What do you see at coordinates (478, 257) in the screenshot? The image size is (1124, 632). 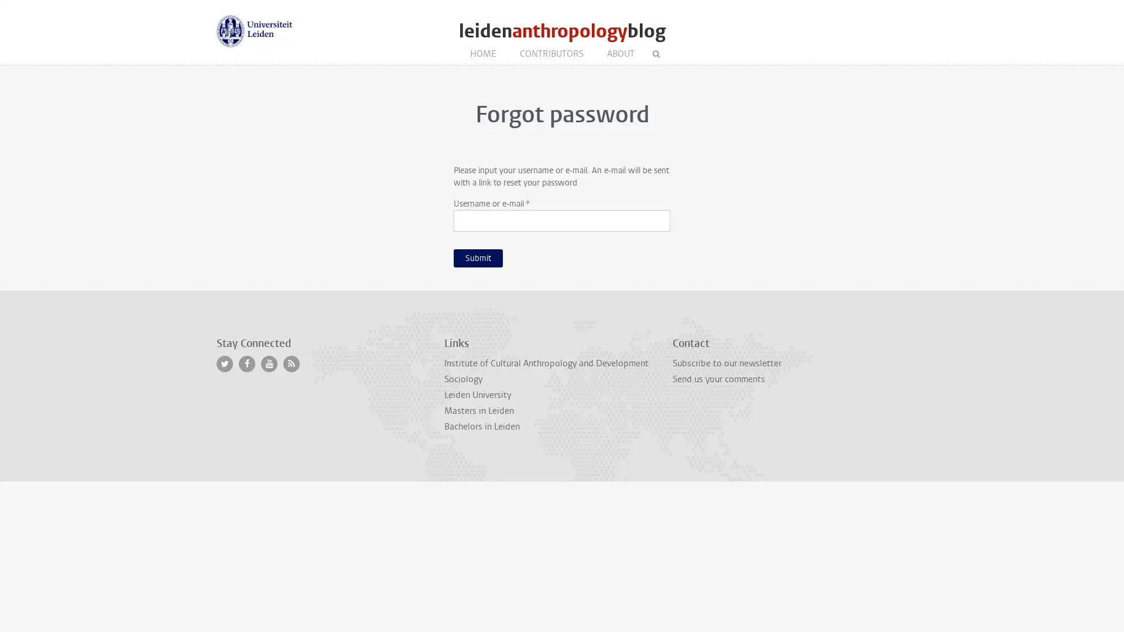 I see `Submit` at bounding box center [478, 257].